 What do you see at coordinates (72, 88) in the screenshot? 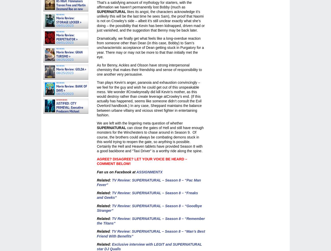
I see `'Movie Review: BANK OF DAVE »'` at bounding box center [72, 88].